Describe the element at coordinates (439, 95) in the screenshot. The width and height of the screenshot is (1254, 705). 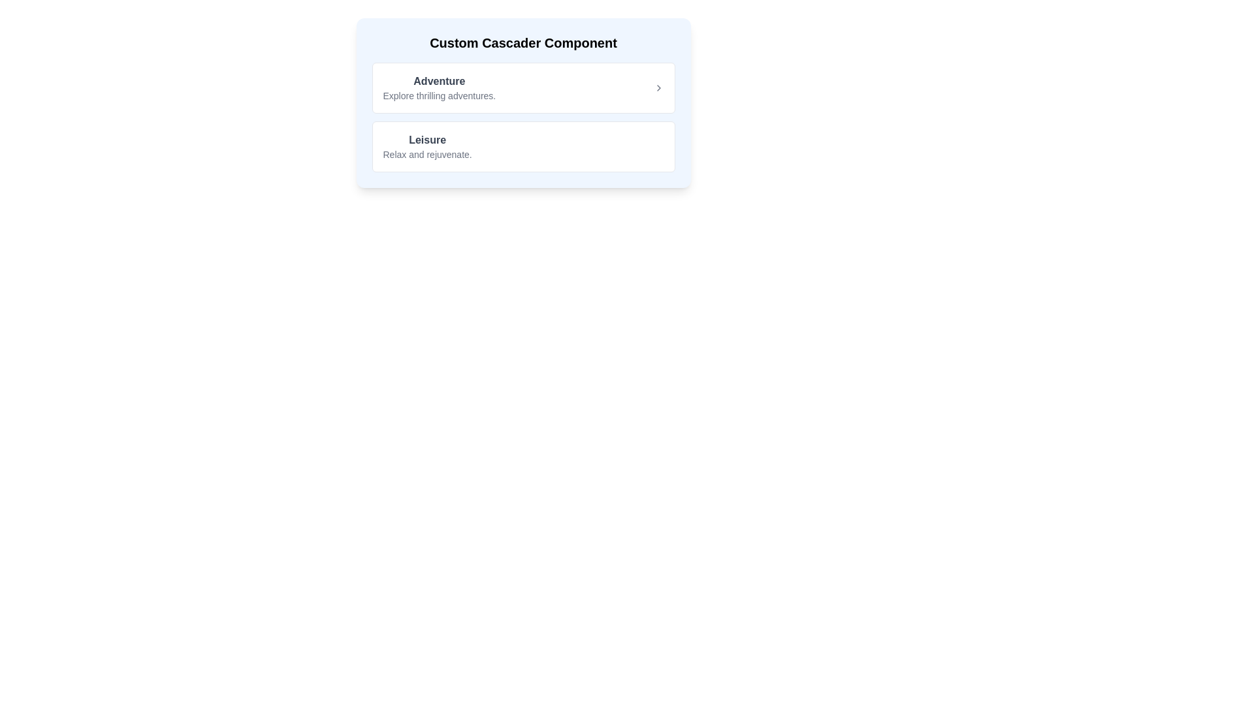
I see `the static text element that serves as a subheading for the 'Adventure' category, located beneath the 'Adventure' heading in the custom cascader component` at that location.